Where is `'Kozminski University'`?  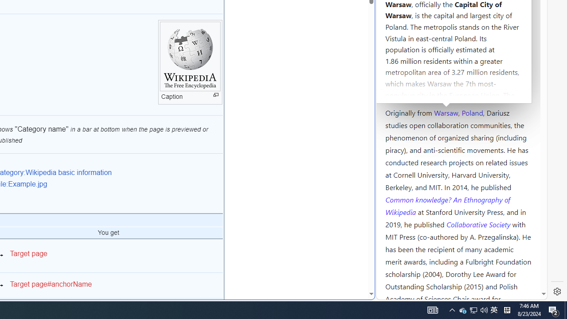
'Kozminski University' is located at coordinates (458, 60).